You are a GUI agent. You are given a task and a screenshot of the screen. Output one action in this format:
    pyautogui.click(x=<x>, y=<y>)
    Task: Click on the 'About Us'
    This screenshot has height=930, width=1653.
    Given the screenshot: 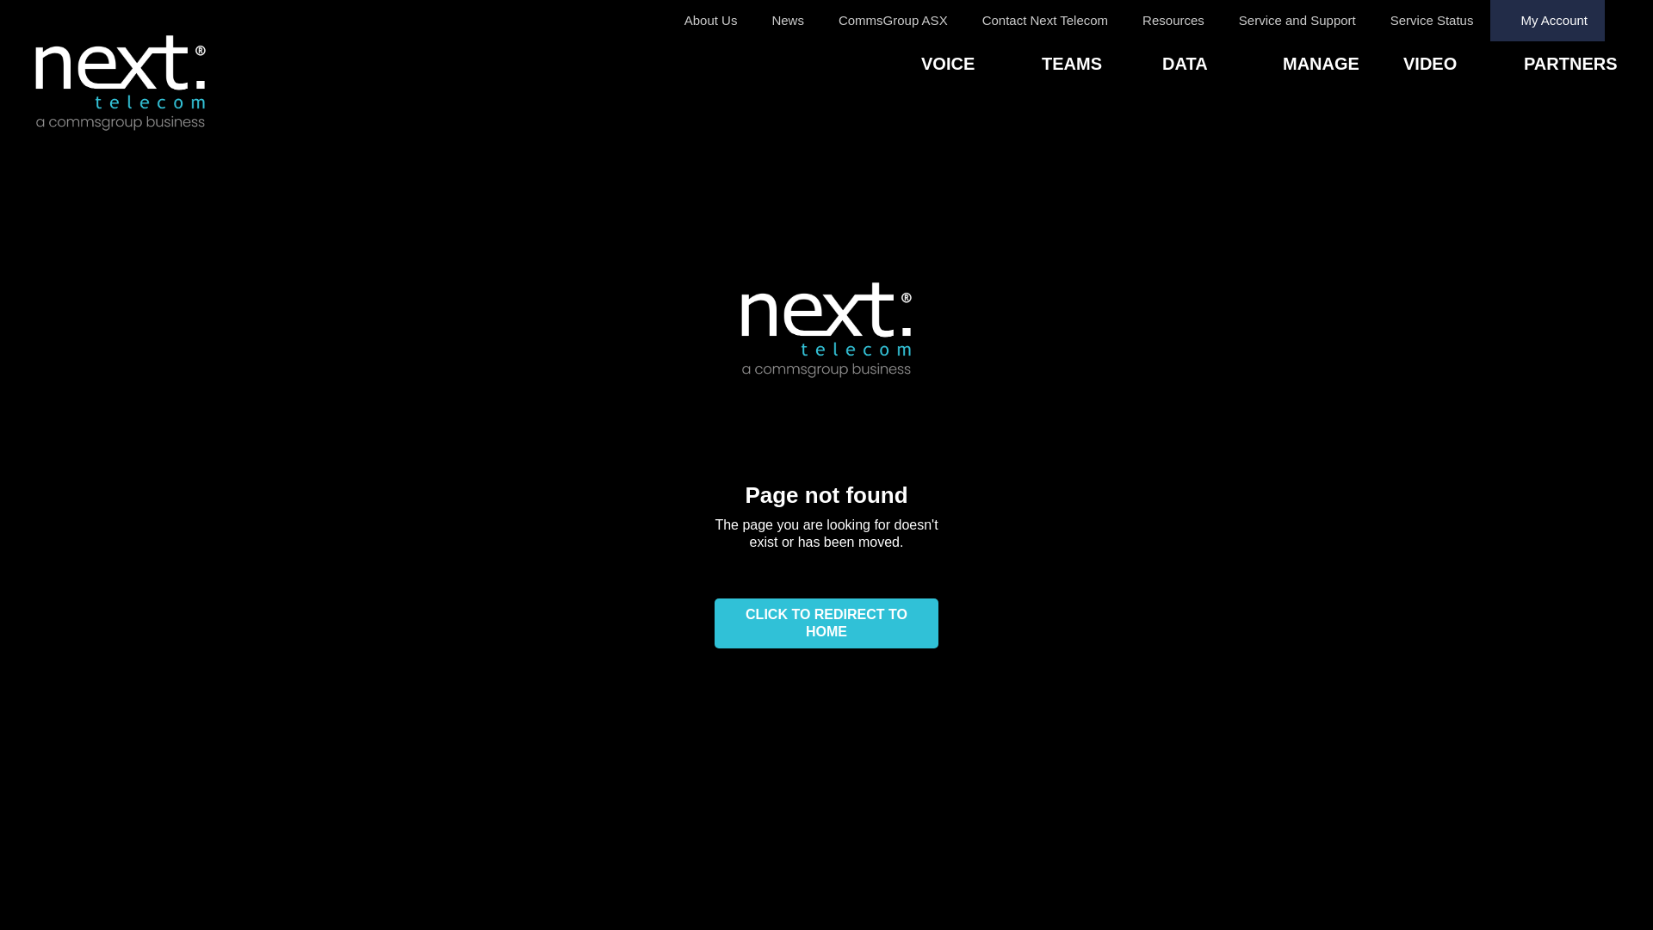 What is the action you would take?
    pyautogui.click(x=710, y=20)
    